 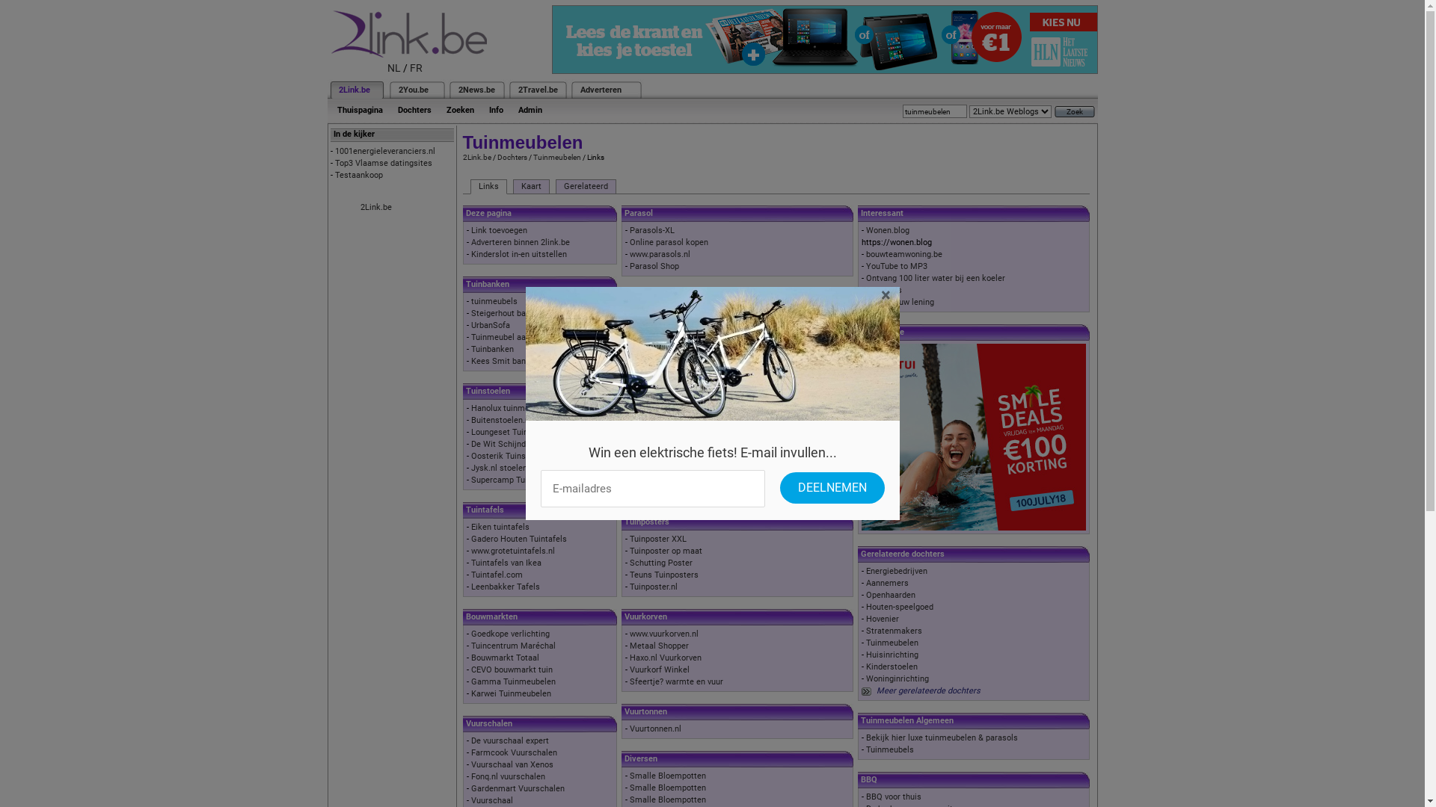 What do you see at coordinates (892, 654) in the screenshot?
I see `'Huisinrichting'` at bounding box center [892, 654].